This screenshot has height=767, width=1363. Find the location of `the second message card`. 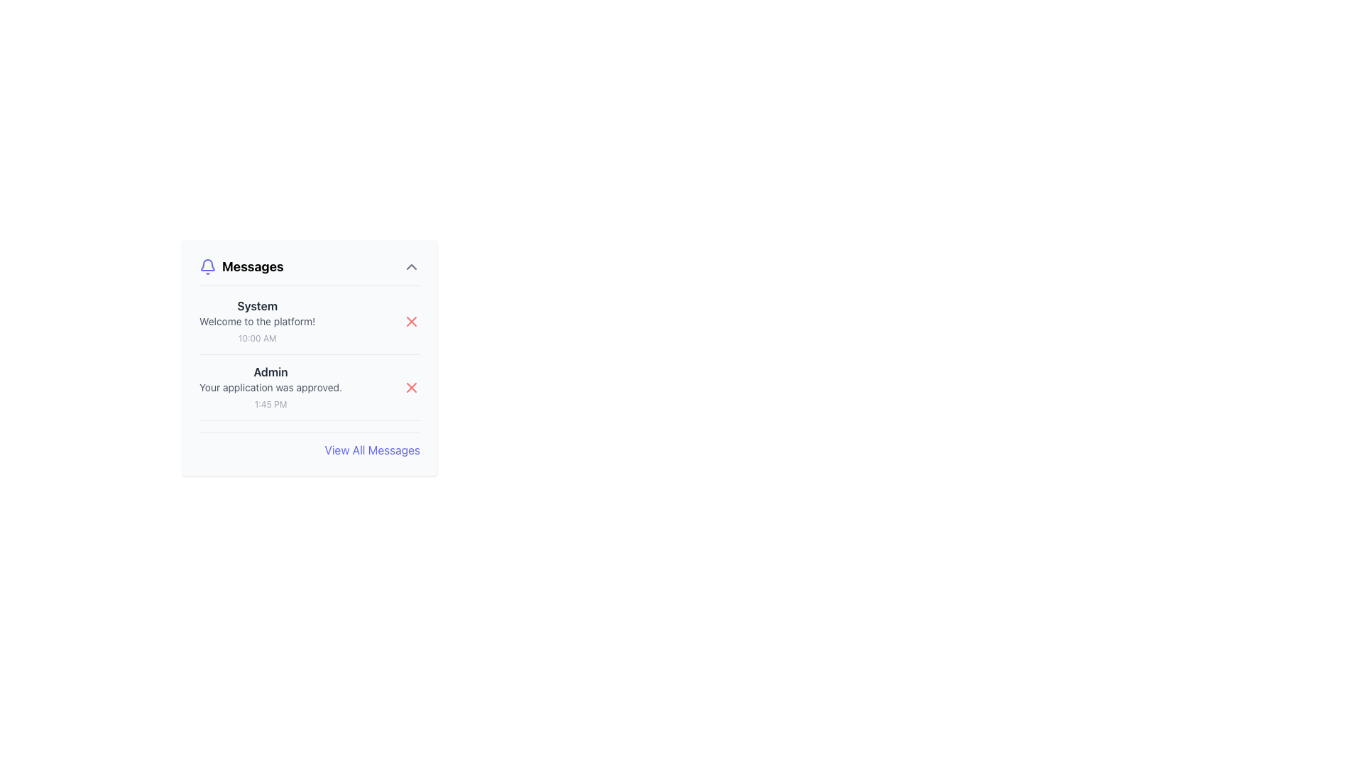

the second message card is located at coordinates (270, 388).